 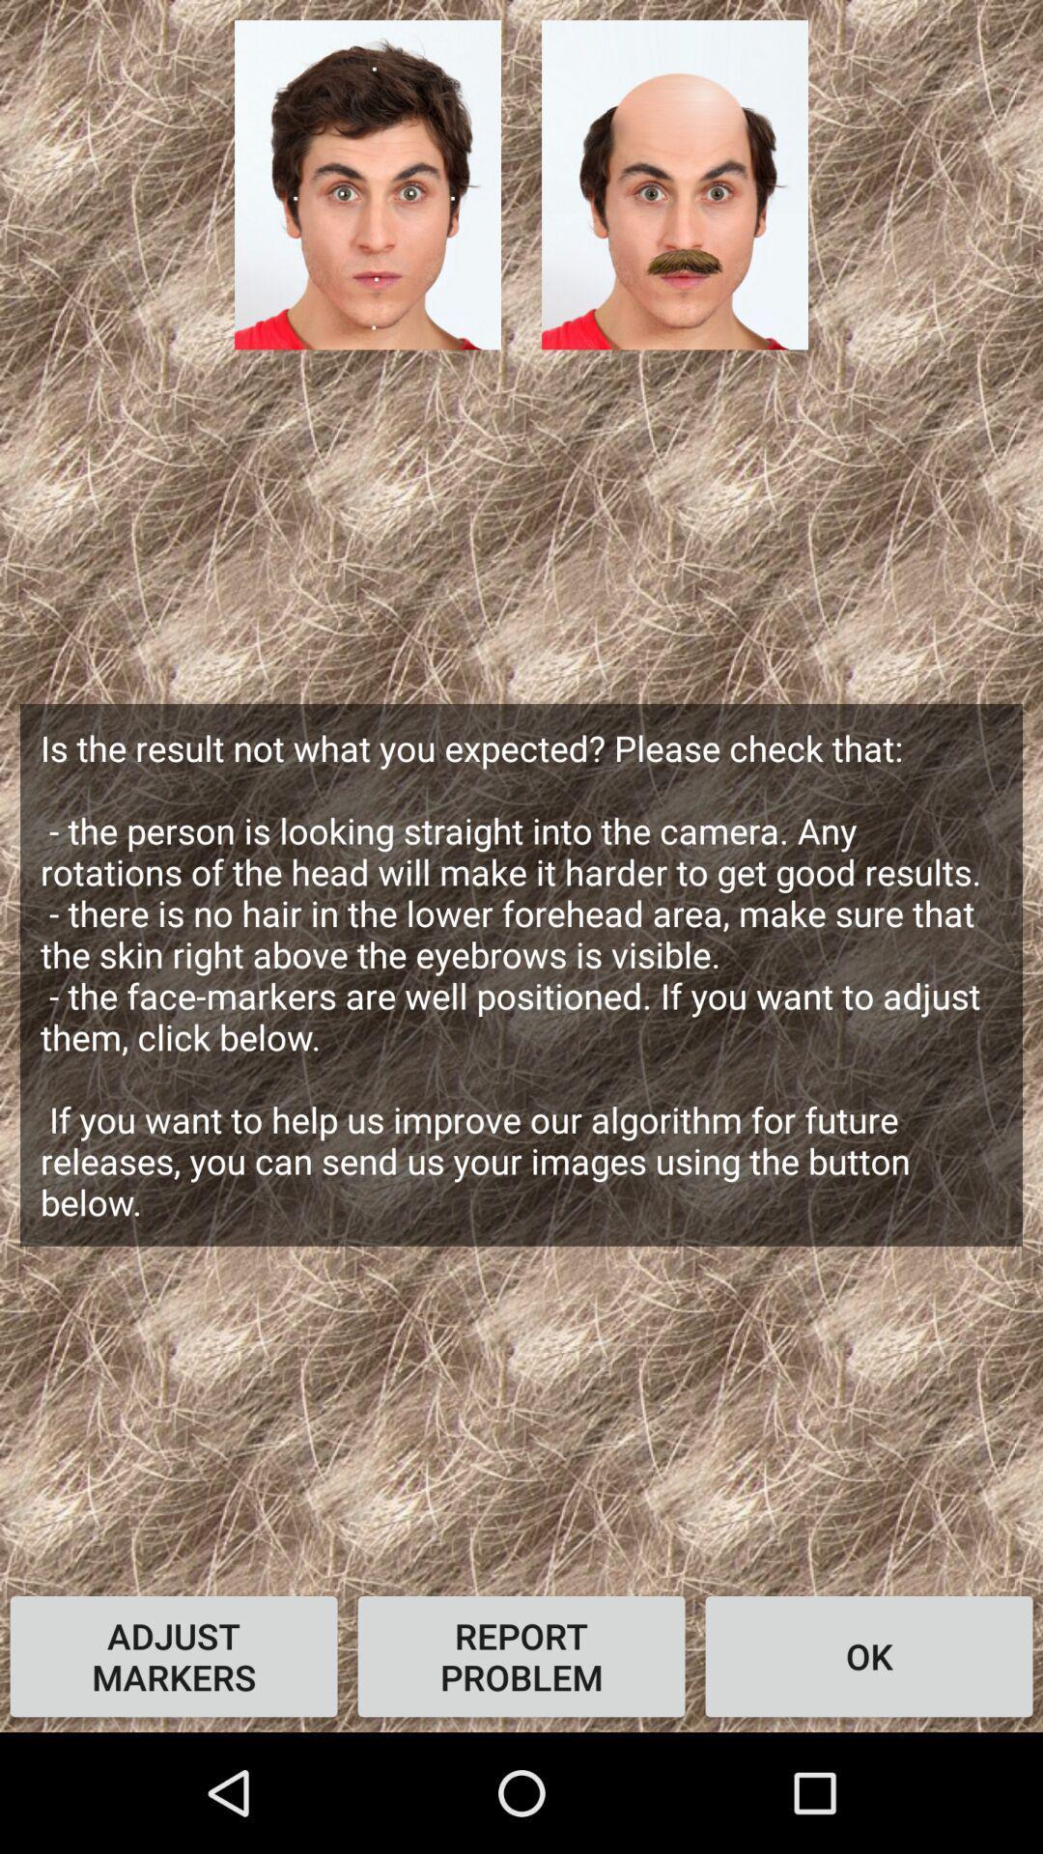 What do you see at coordinates (521, 1655) in the screenshot?
I see `the item next to the adjust markers icon` at bounding box center [521, 1655].